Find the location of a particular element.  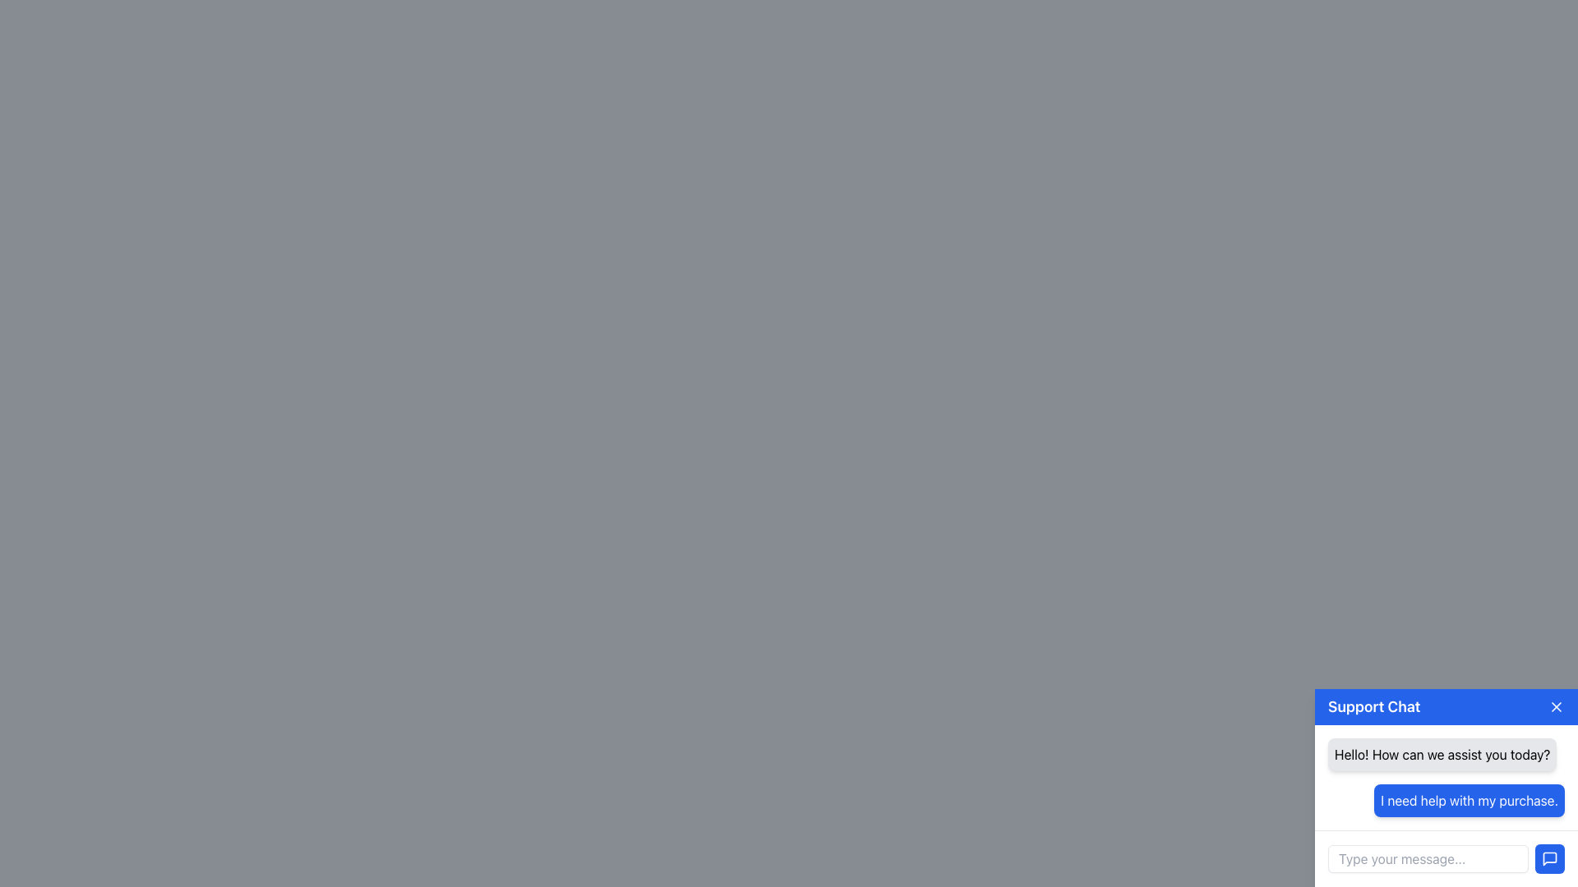

the messaging icon located at the bottom right of the support chat interface to interact with messaging activities is located at coordinates (1549, 857).